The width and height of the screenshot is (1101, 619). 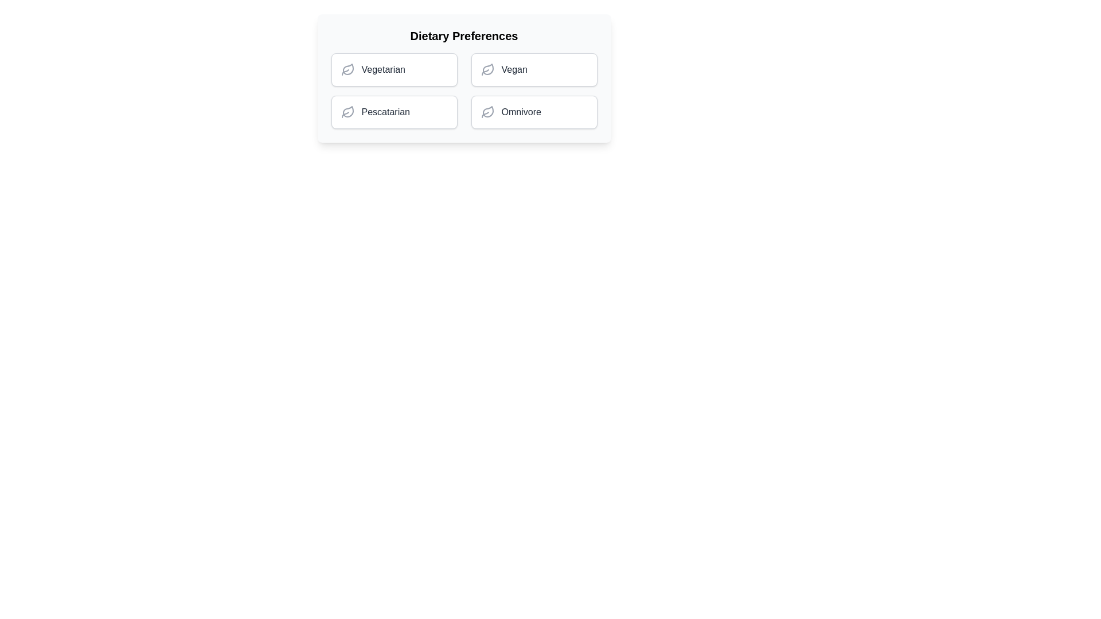 I want to click on the Pescatarian dietary preference icon located to the left of the text 'Pescatarian', so click(x=347, y=112).